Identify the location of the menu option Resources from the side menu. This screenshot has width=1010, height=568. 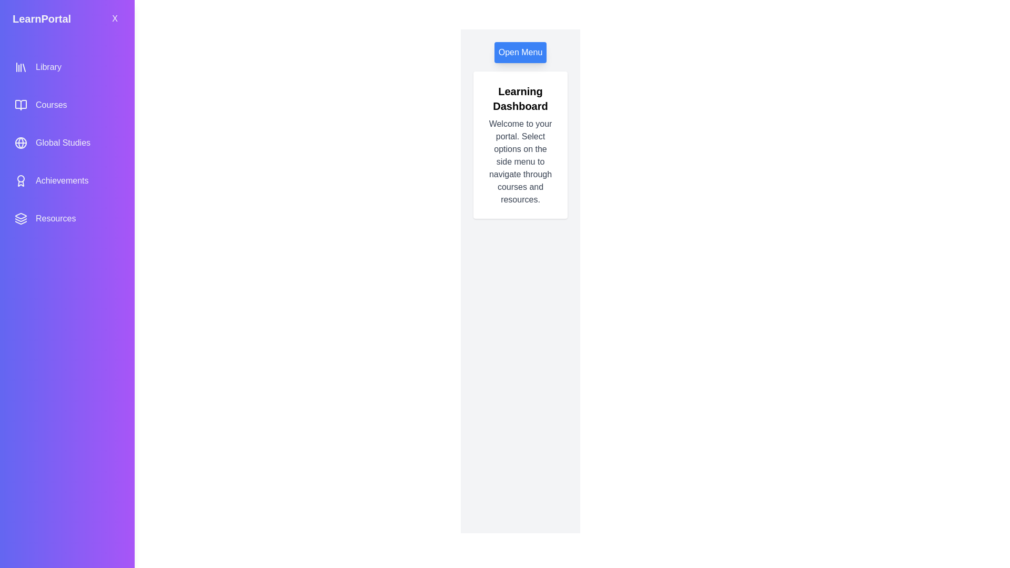
(67, 218).